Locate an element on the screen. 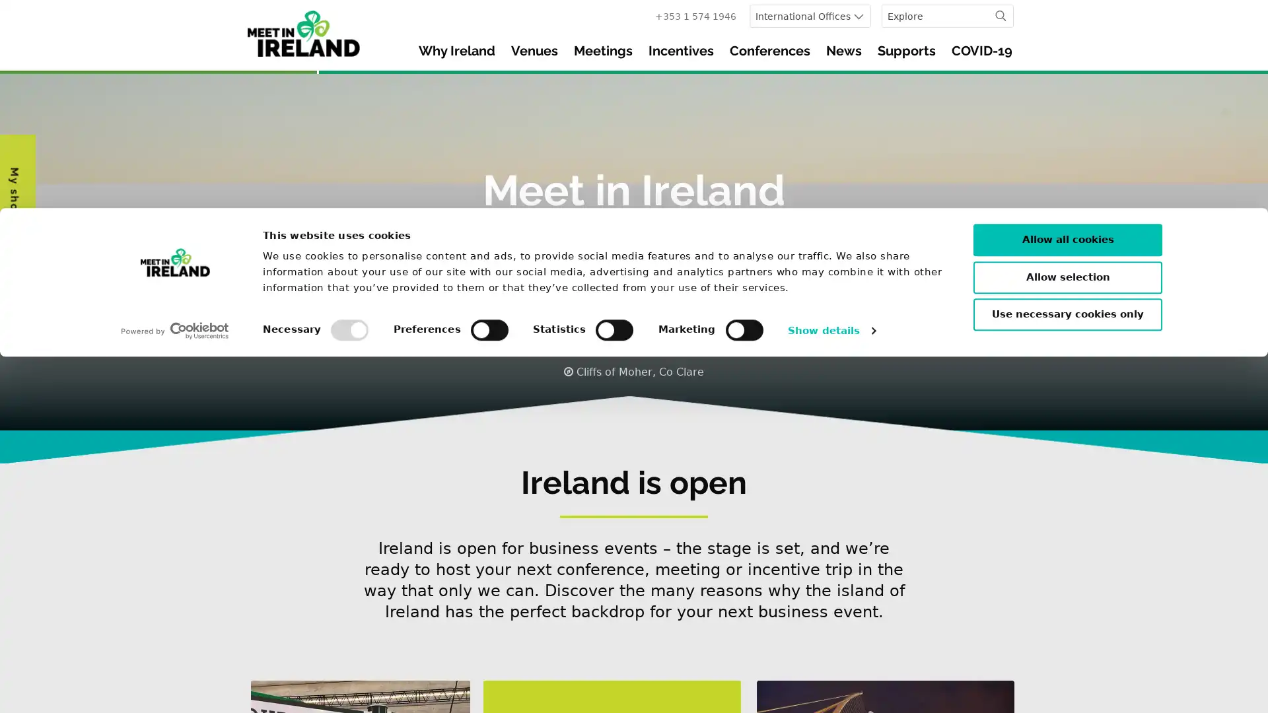 The height and width of the screenshot is (713, 1268). Use necessary cookies only is located at coordinates (1068, 671).